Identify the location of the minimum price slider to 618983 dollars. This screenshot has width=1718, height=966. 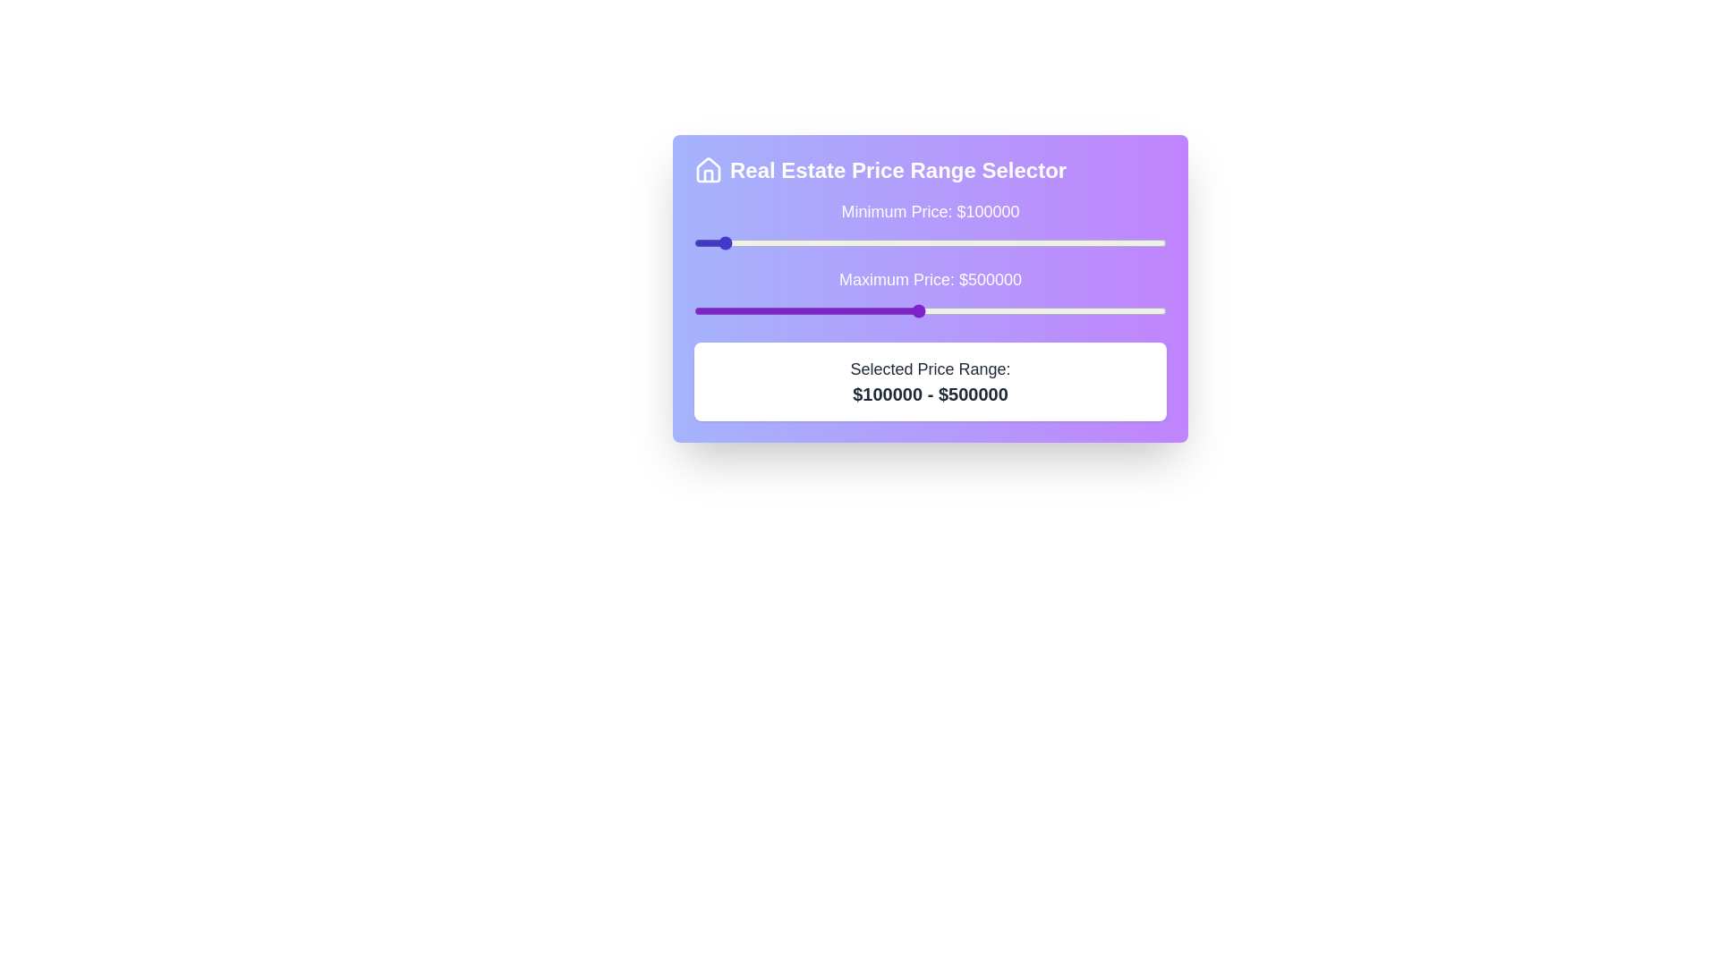
(976, 243).